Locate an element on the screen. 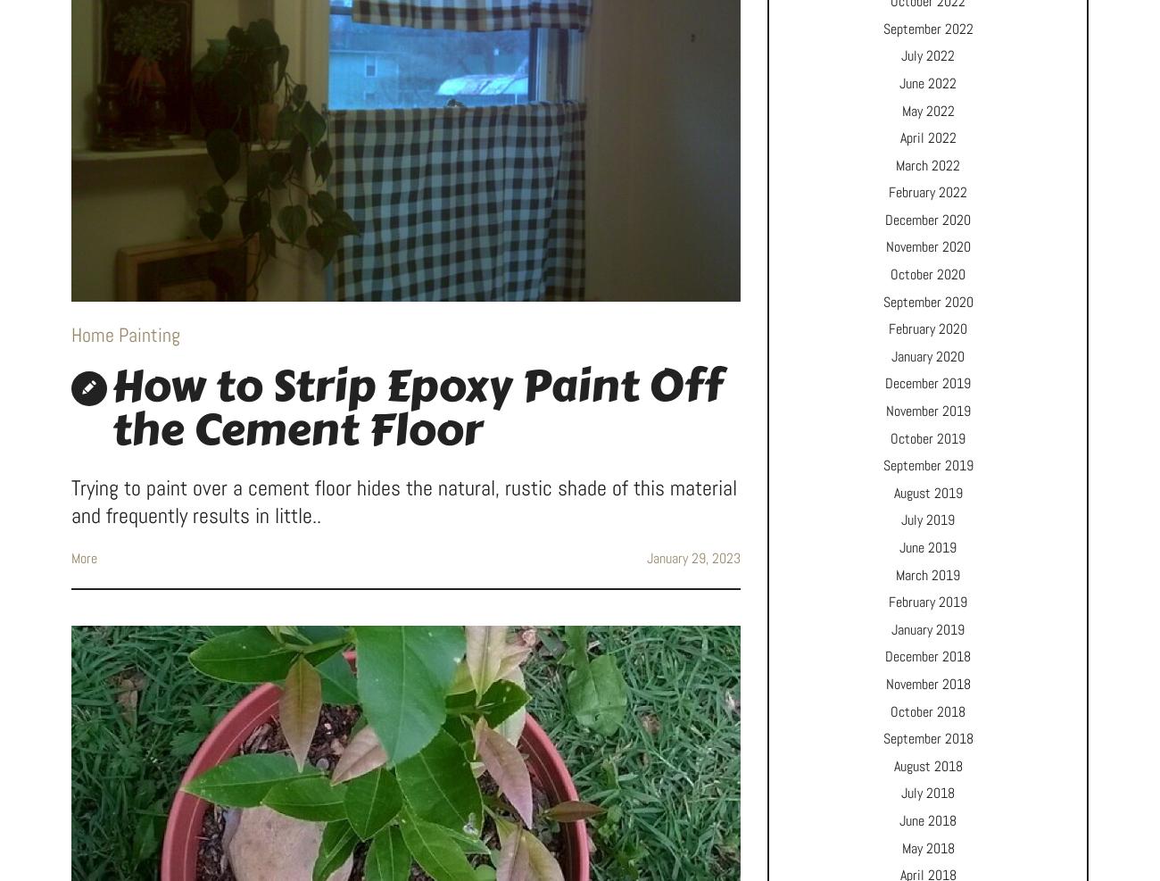 This screenshot has height=881, width=1160. 'September 2022' is located at coordinates (927, 27).